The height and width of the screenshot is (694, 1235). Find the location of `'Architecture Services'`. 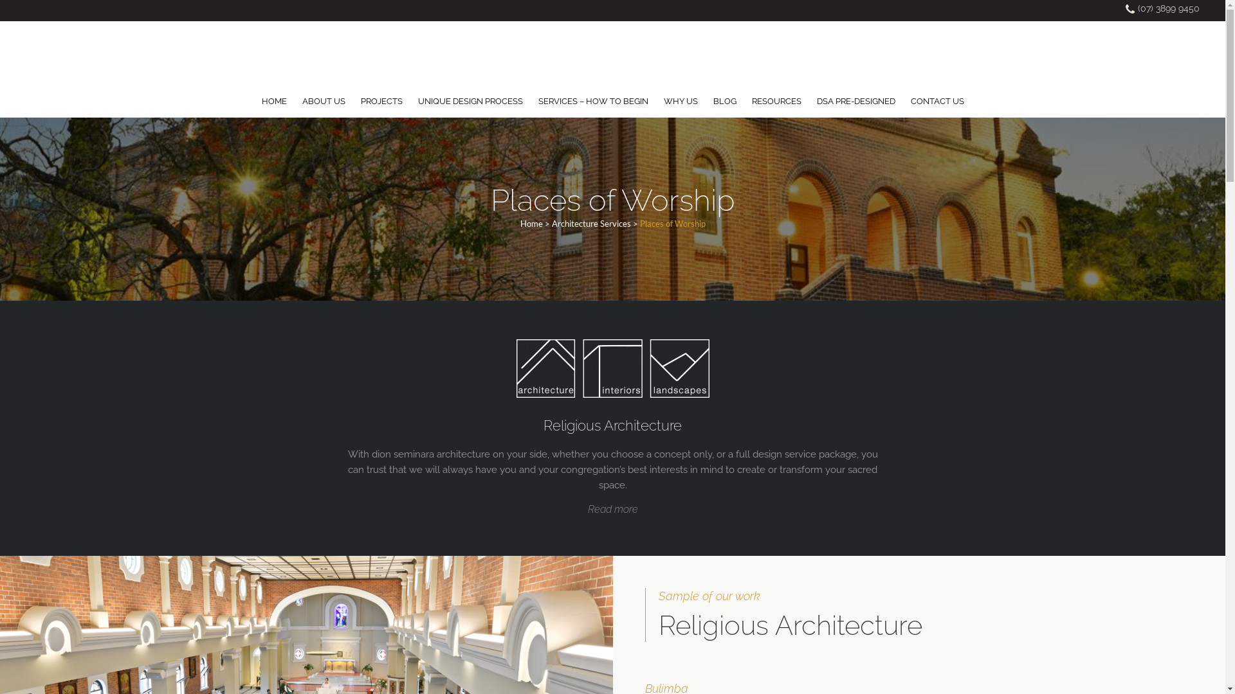

'Architecture Services' is located at coordinates (590, 222).